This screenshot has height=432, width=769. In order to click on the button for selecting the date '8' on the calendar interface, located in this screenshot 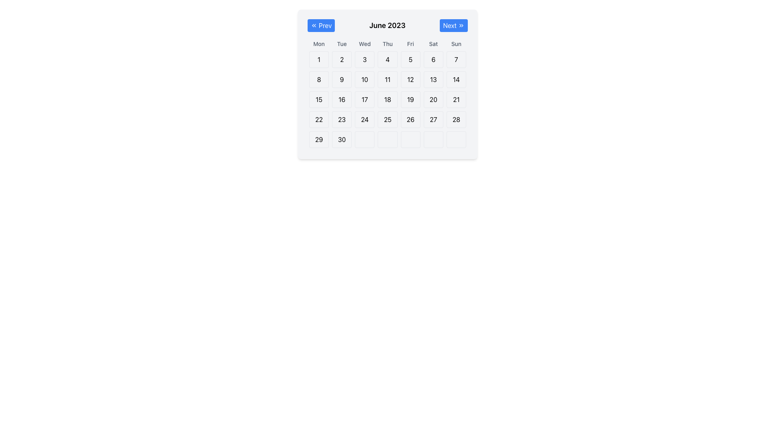, I will do `click(318, 80)`.